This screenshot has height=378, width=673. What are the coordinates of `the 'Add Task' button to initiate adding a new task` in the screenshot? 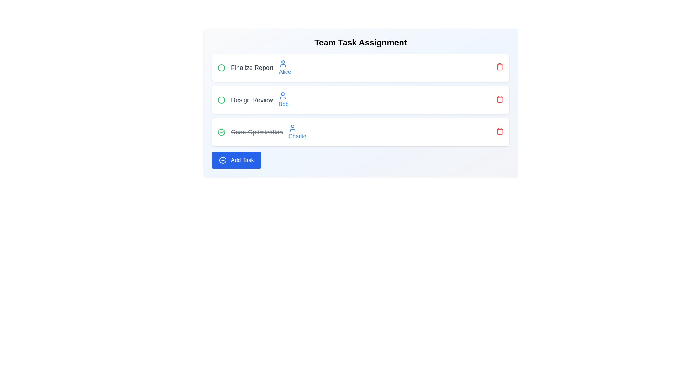 It's located at (236, 160).